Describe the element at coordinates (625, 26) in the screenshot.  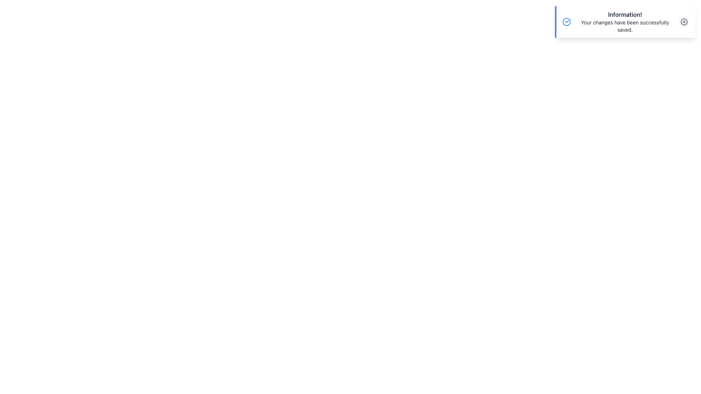
I see `text 'Your changes have been successfully saved.' which is a smaller font styled text located below the bold title 'Information!' in the notification box` at that location.